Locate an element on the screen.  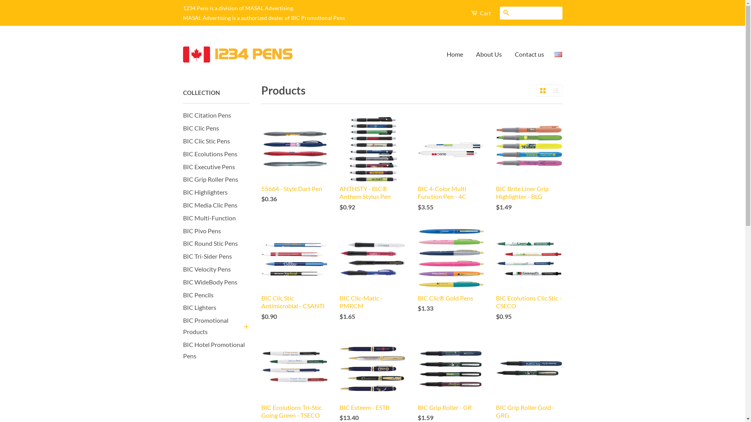
'BIC Round Stic Pens' is located at coordinates (210, 243).